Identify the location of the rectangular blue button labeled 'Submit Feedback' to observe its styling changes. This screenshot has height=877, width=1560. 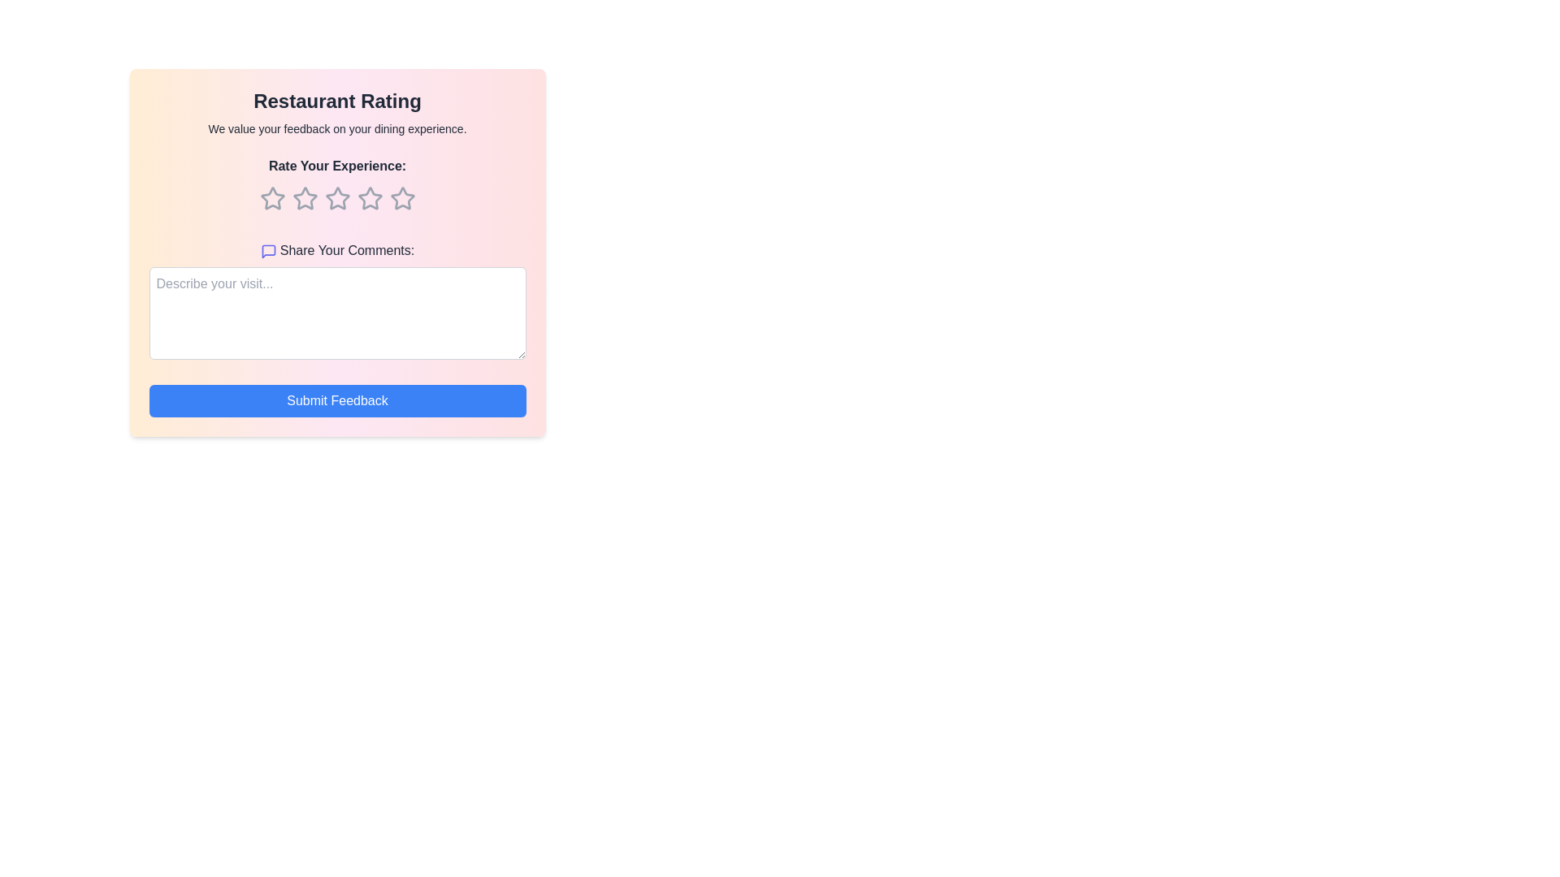
(336, 400).